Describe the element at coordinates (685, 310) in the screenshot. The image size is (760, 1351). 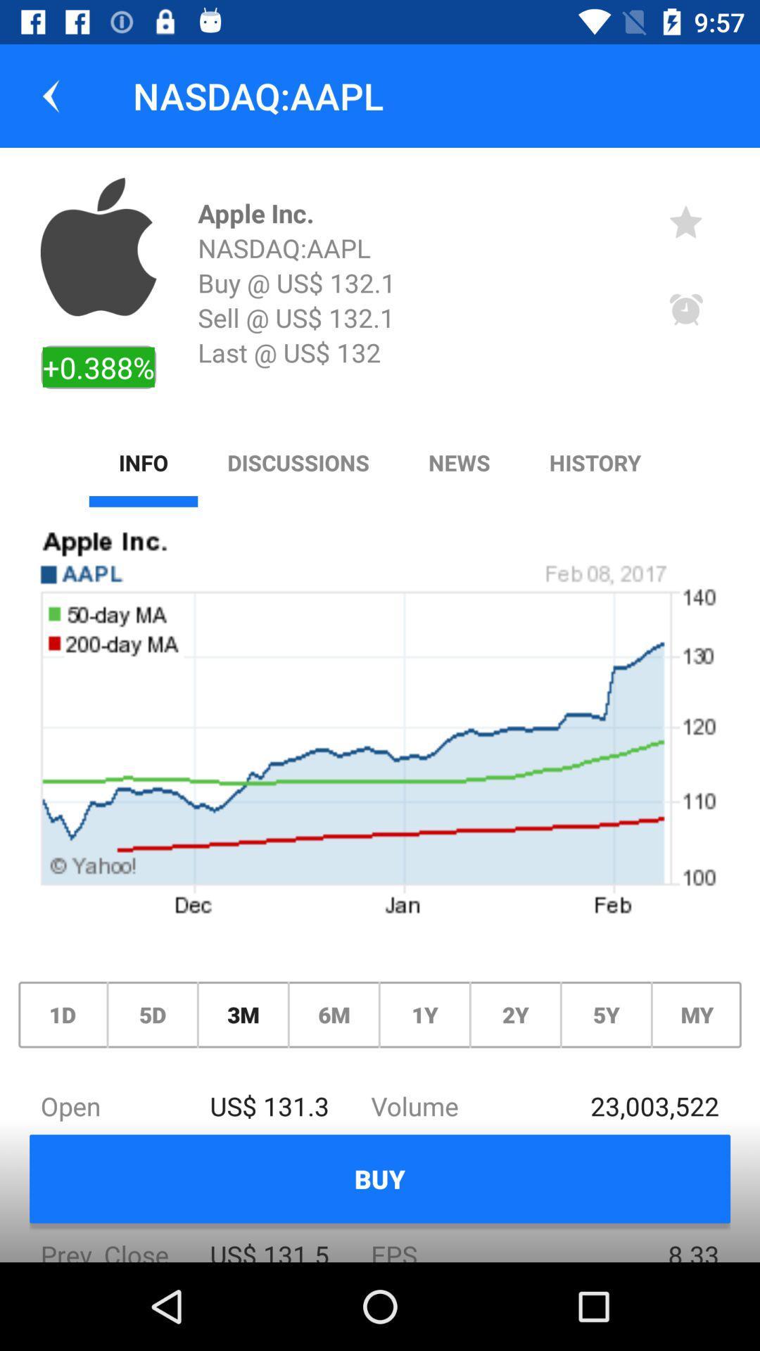
I see `the time icon` at that location.